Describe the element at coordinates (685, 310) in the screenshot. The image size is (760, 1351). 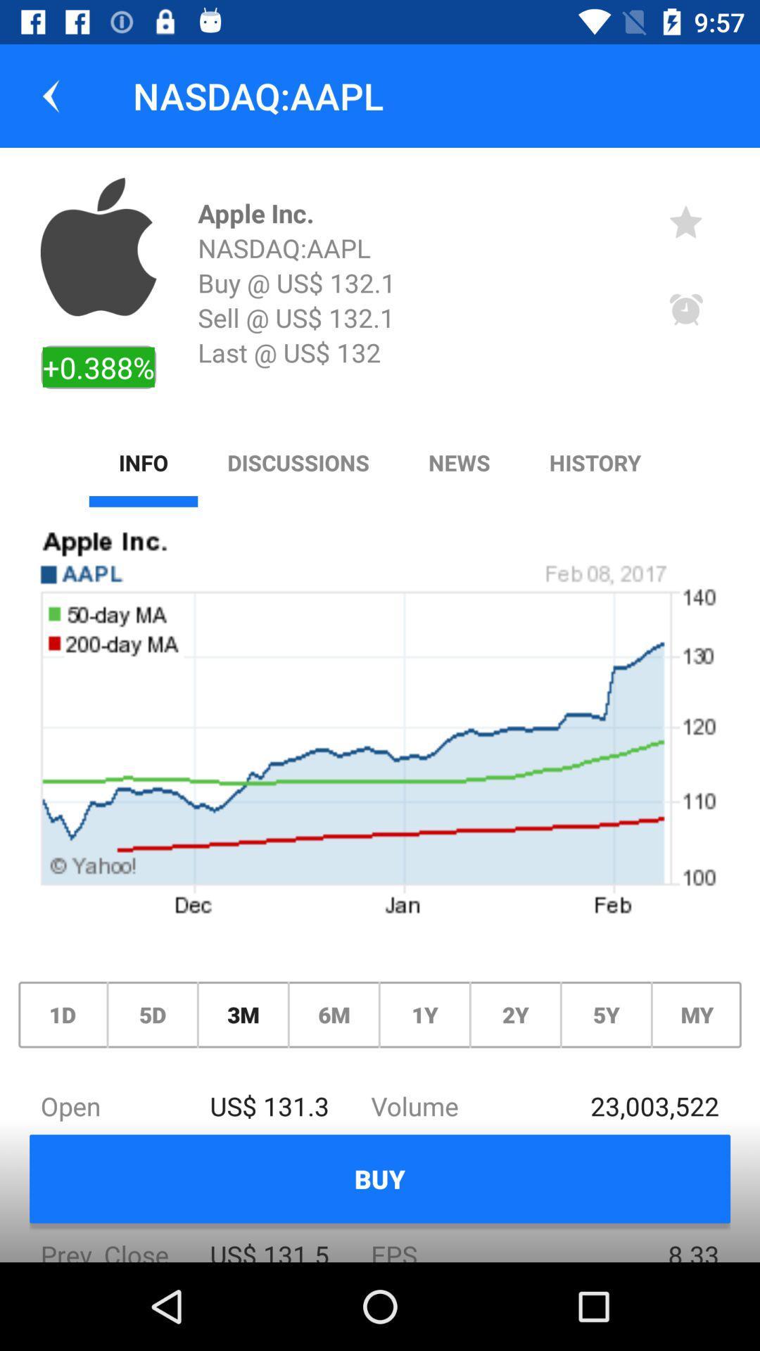
I see `the time icon` at that location.